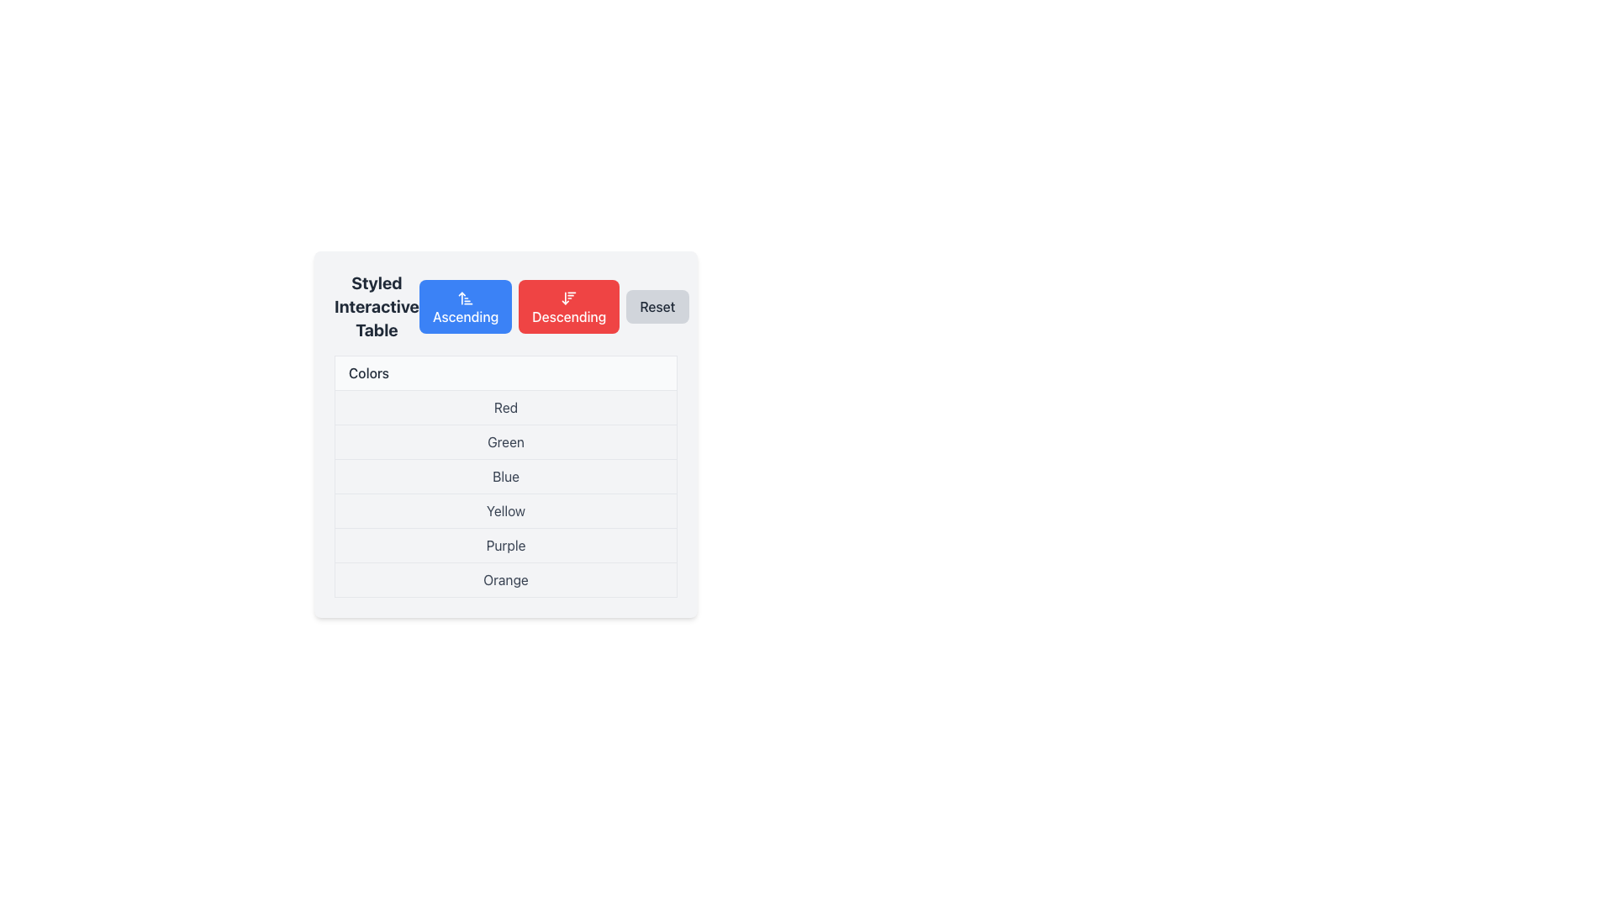  Describe the element at coordinates (569, 297) in the screenshot. I see `the downward-pointing arrow icon inside the red button labeled 'Descending' to sort the items in descending order` at that location.